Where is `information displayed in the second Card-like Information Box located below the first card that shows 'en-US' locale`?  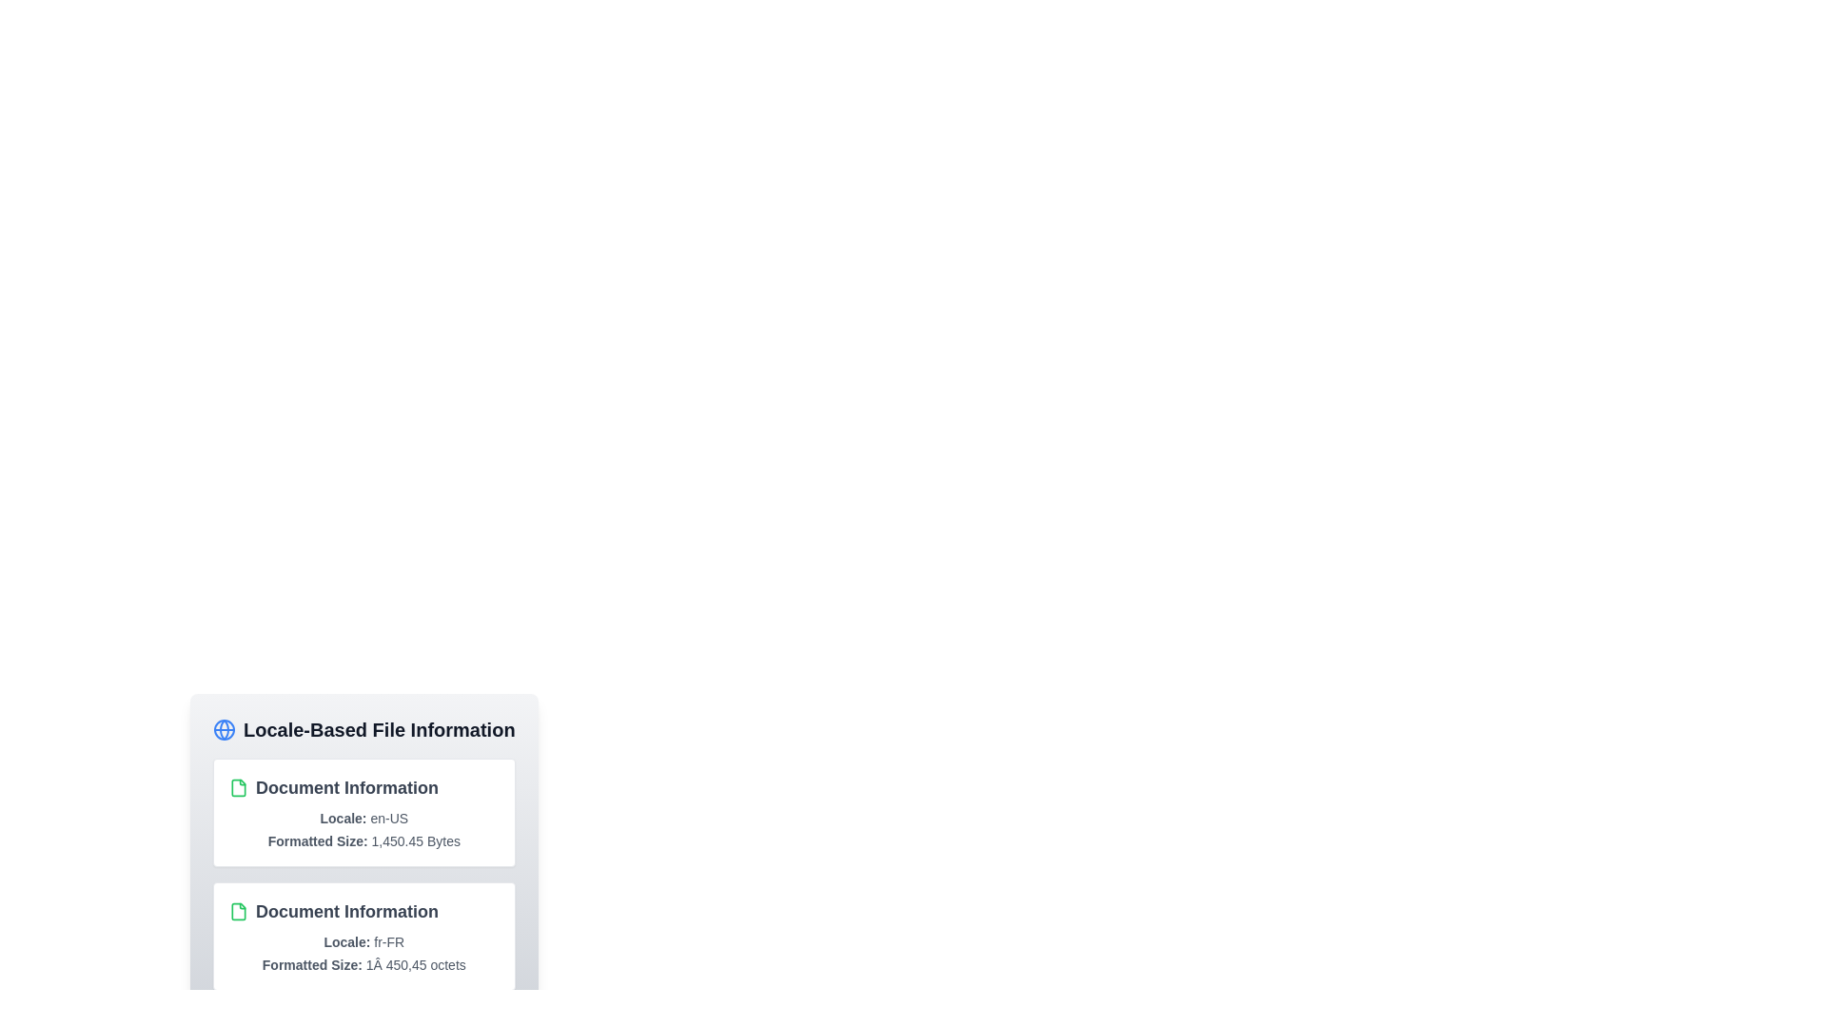
information displayed in the second Card-like Information Box located below the first card that shows 'en-US' locale is located at coordinates (363, 935).